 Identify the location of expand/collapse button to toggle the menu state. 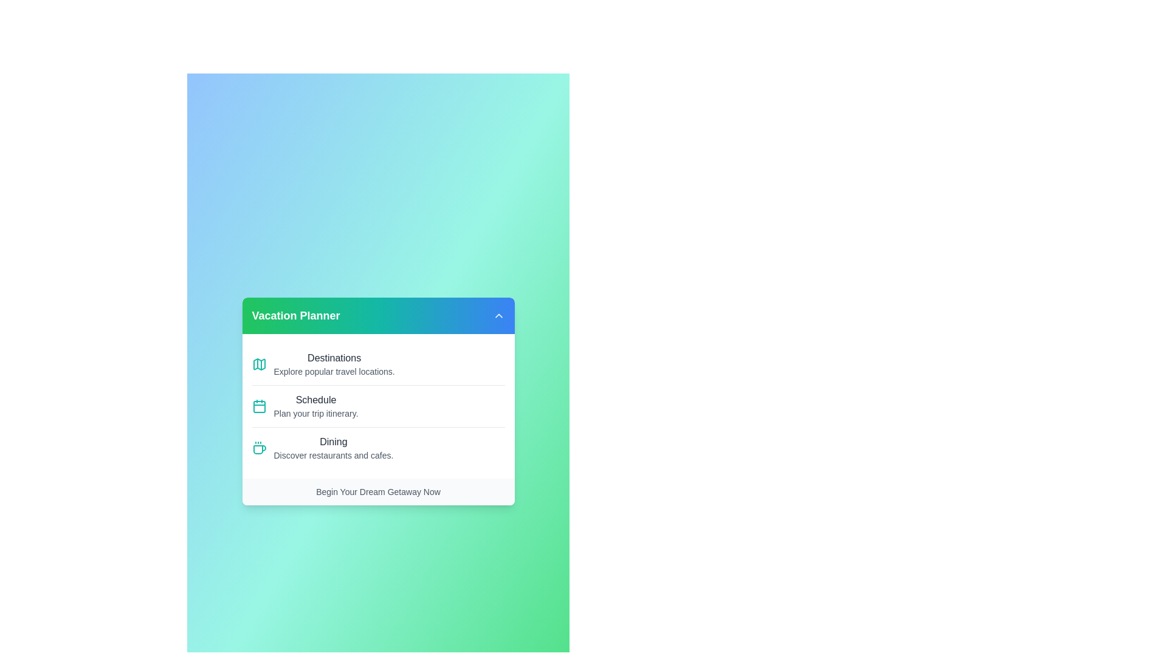
(498, 315).